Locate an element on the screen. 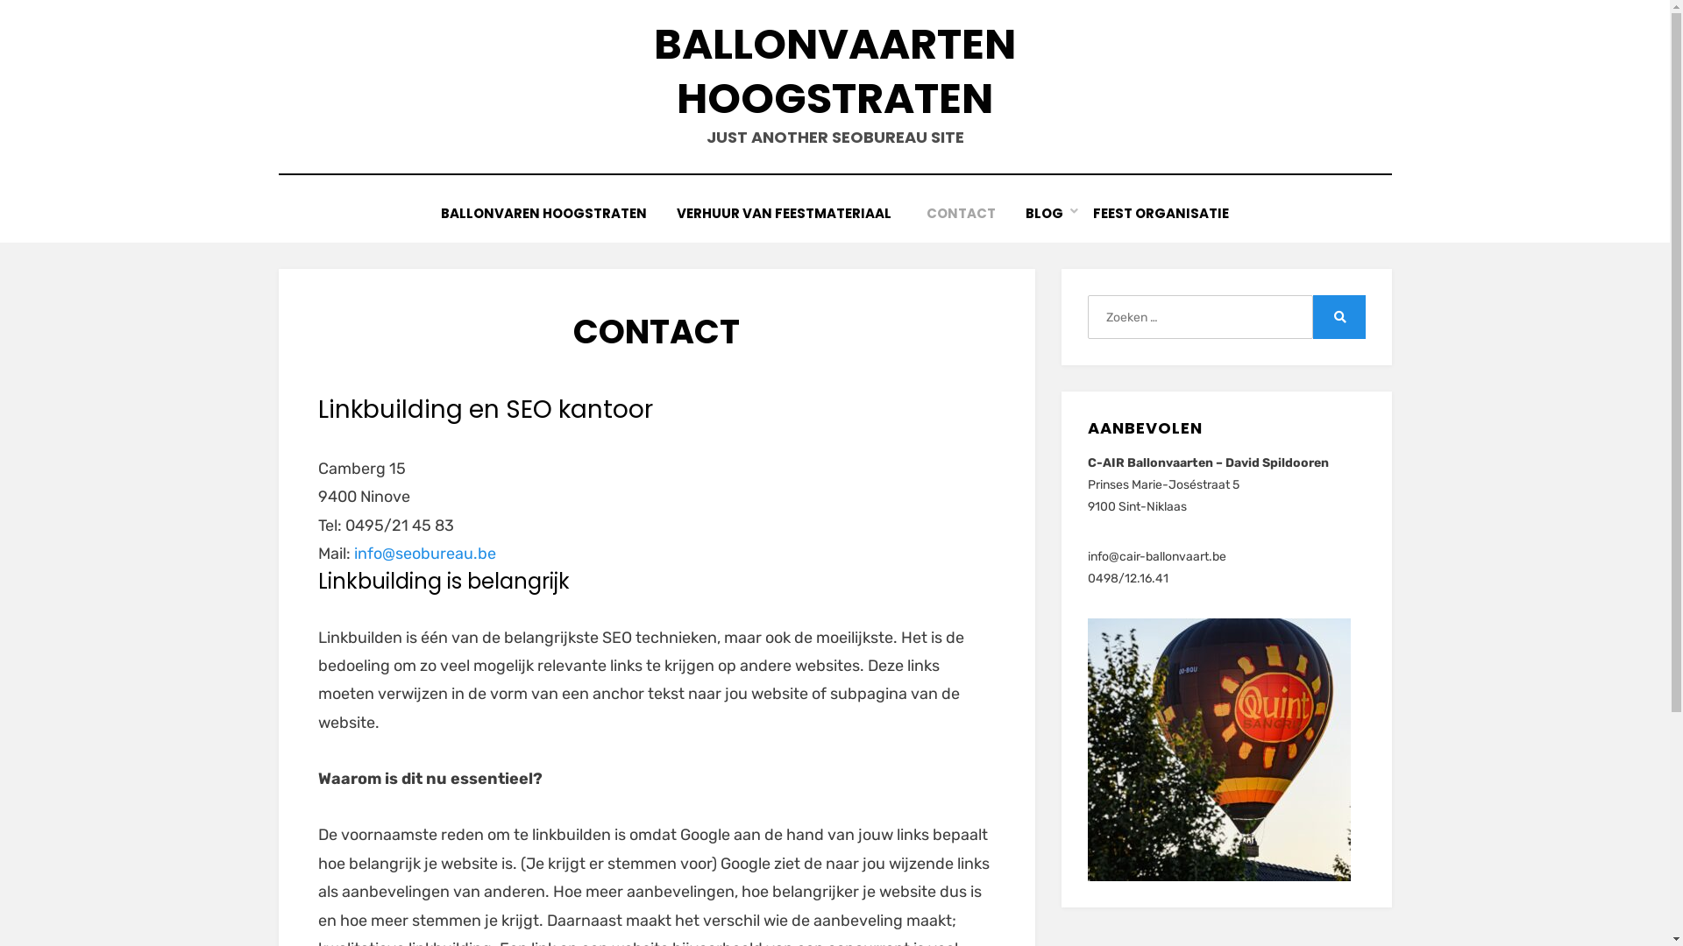 The image size is (1683, 946). 'VERHUUR VAN FEESTMATERIAAL  ' is located at coordinates (785, 212).